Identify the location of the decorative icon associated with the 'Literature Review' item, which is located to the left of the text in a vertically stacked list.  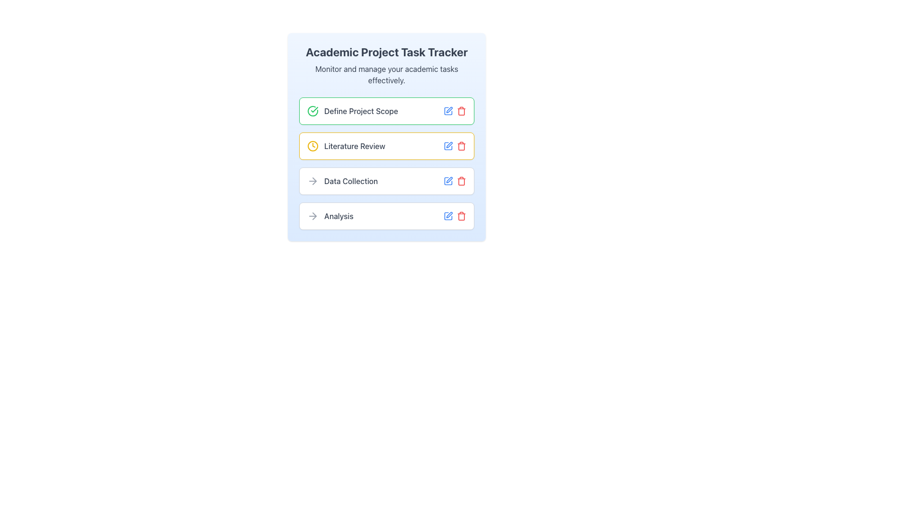
(313, 146).